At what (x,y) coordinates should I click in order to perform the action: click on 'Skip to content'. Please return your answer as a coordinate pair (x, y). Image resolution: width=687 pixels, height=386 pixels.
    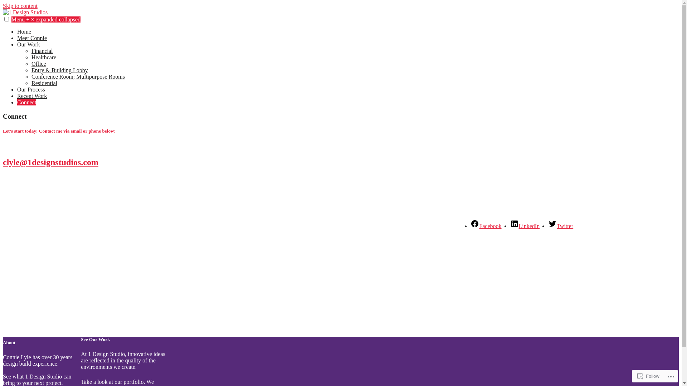
    Looking at the image, I should click on (3, 6).